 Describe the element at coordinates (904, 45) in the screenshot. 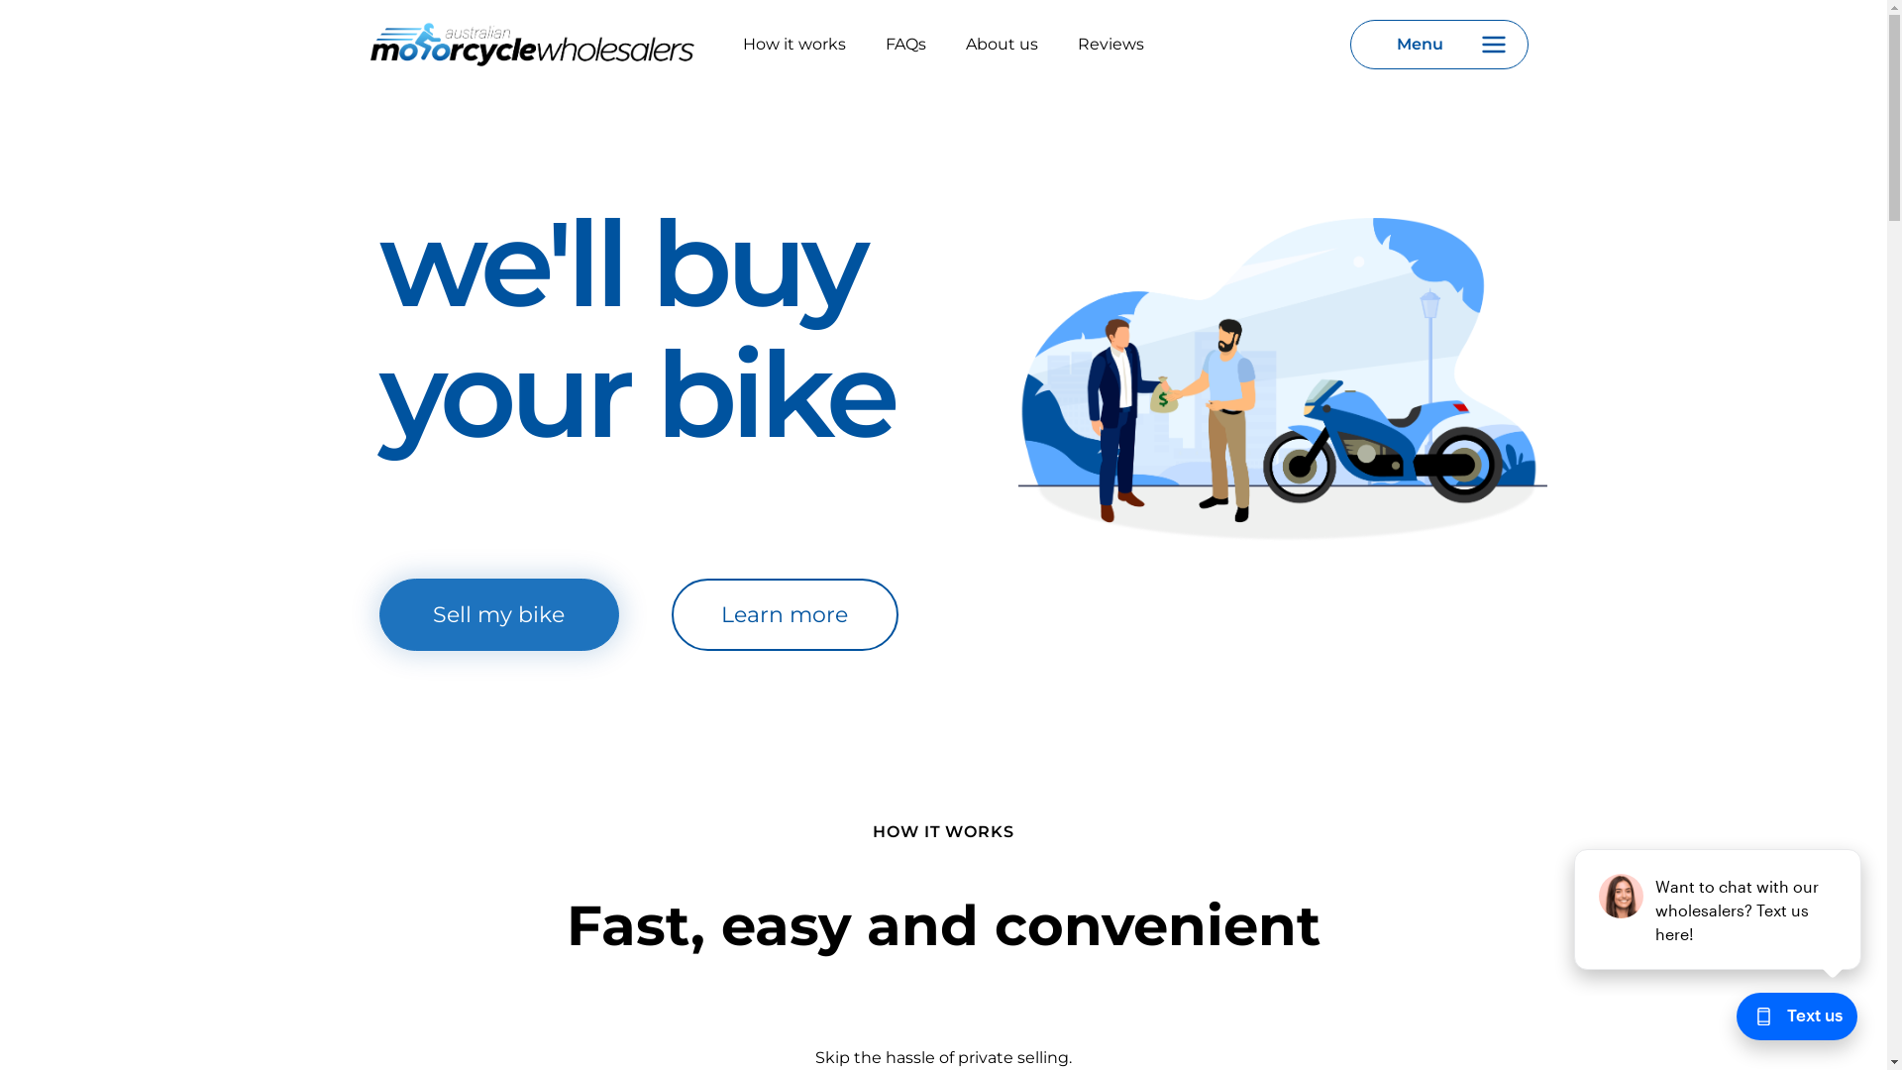

I see `'FAQs'` at that location.